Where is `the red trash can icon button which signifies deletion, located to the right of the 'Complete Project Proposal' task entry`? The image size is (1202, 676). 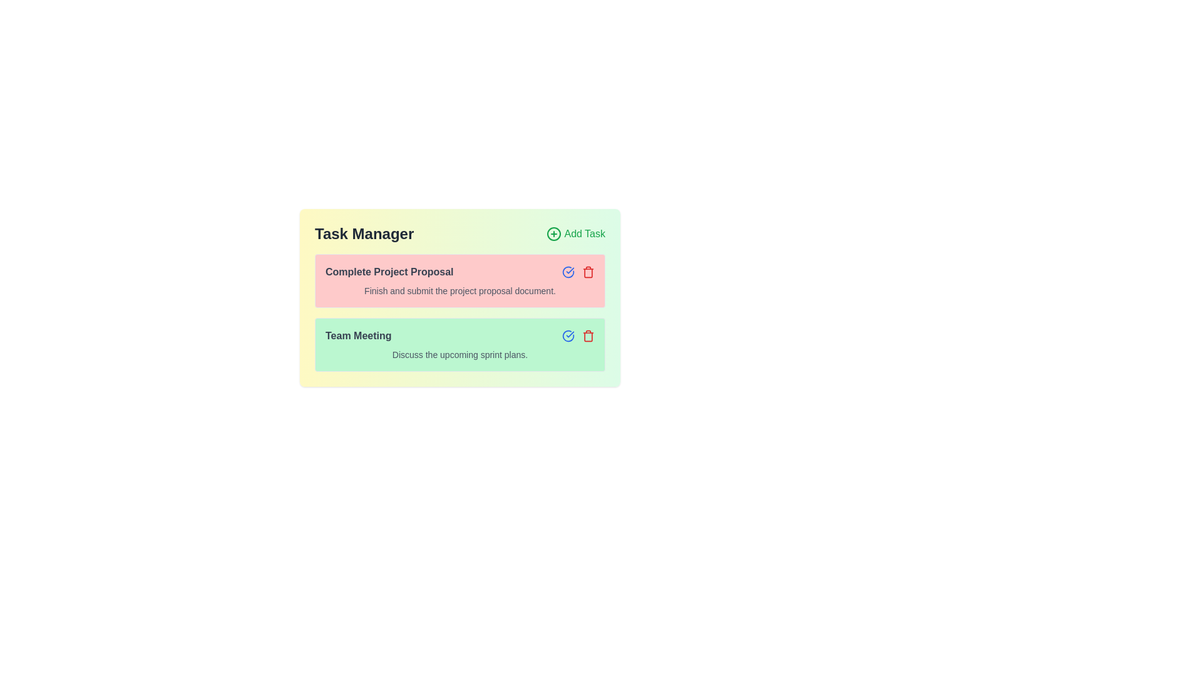
the red trash can icon button which signifies deletion, located to the right of the 'Complete Project Proposal' task entry is located at coordinates (588, 272).